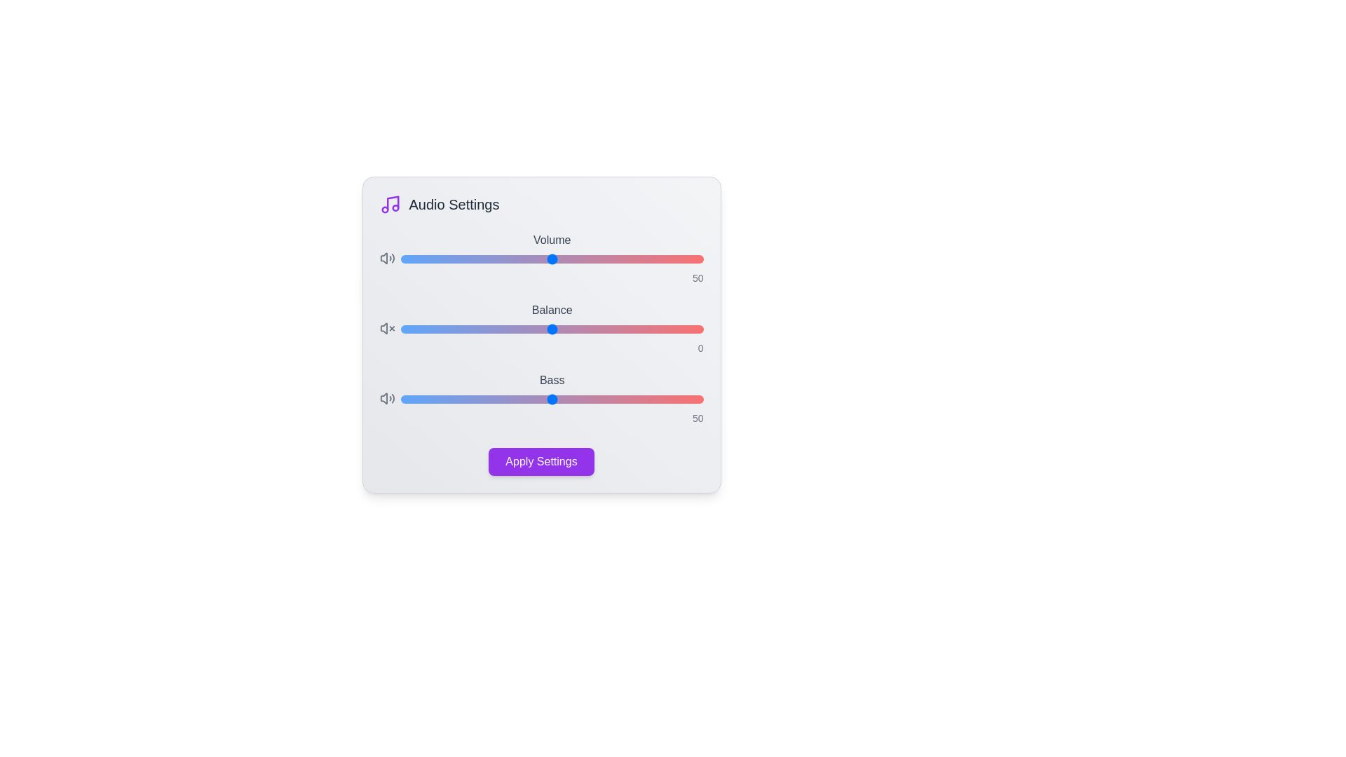 The image size is (1346, 757). What do you see at coordinates (445, 259) in the screenshot?
I see `the 'Volume' slider to set the volume level to 15` at bounding box center [445, 259].